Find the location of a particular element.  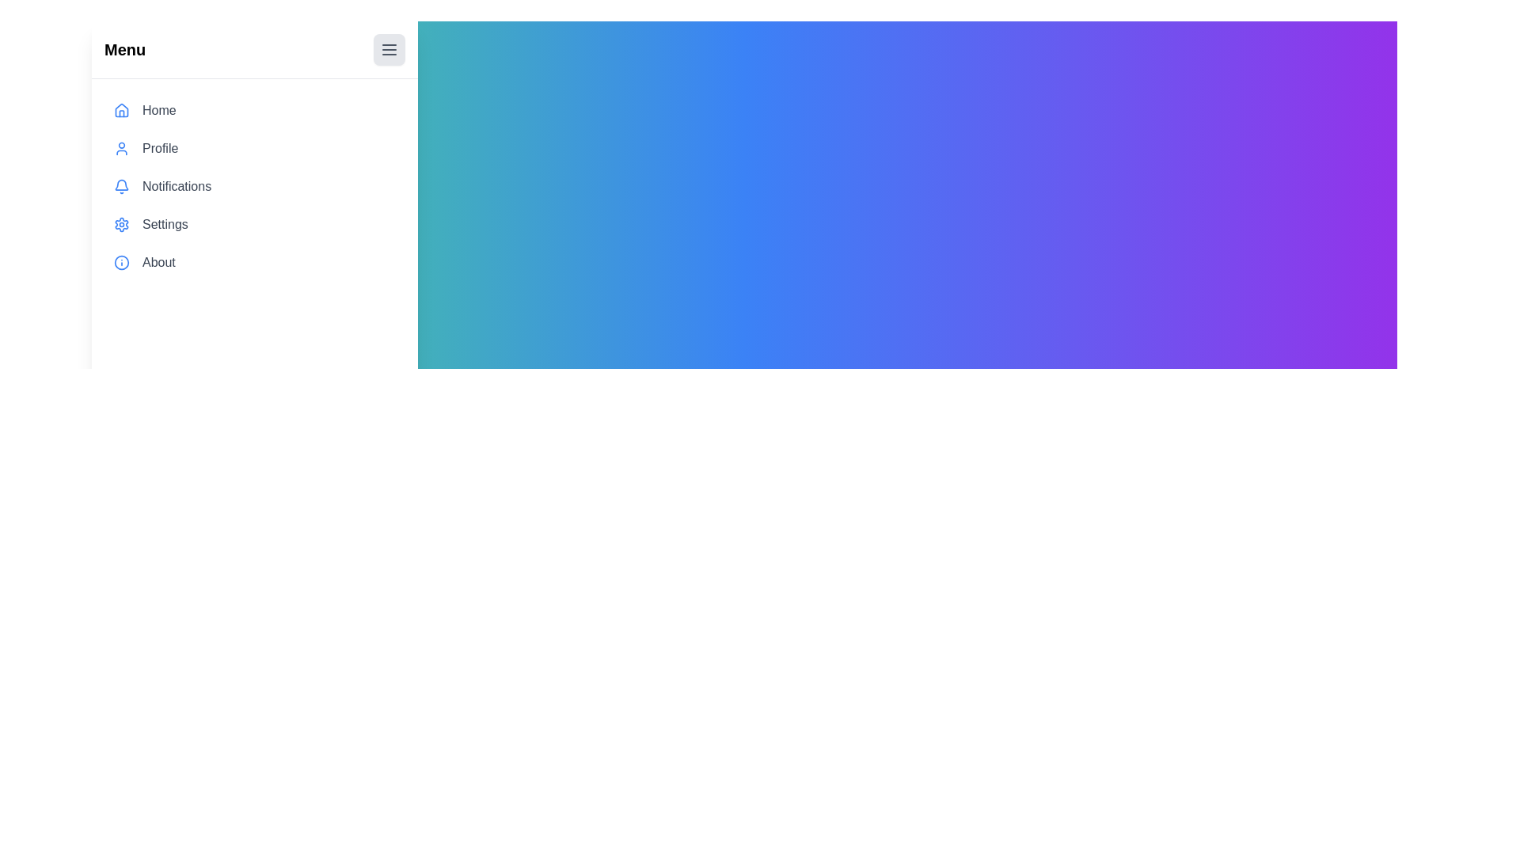

the menu item labeled Profile is located at coordinates (255, 149).